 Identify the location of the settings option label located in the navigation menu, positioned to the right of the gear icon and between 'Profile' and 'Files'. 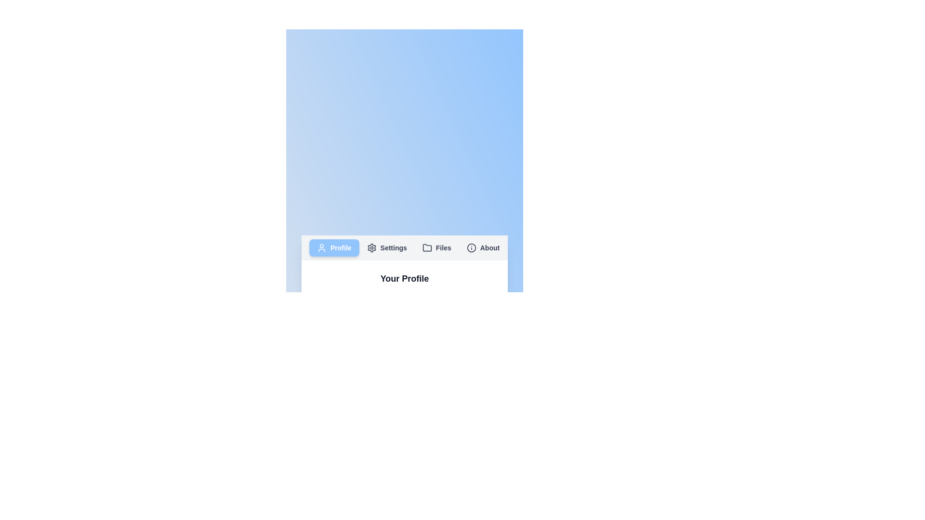
(394, 247).